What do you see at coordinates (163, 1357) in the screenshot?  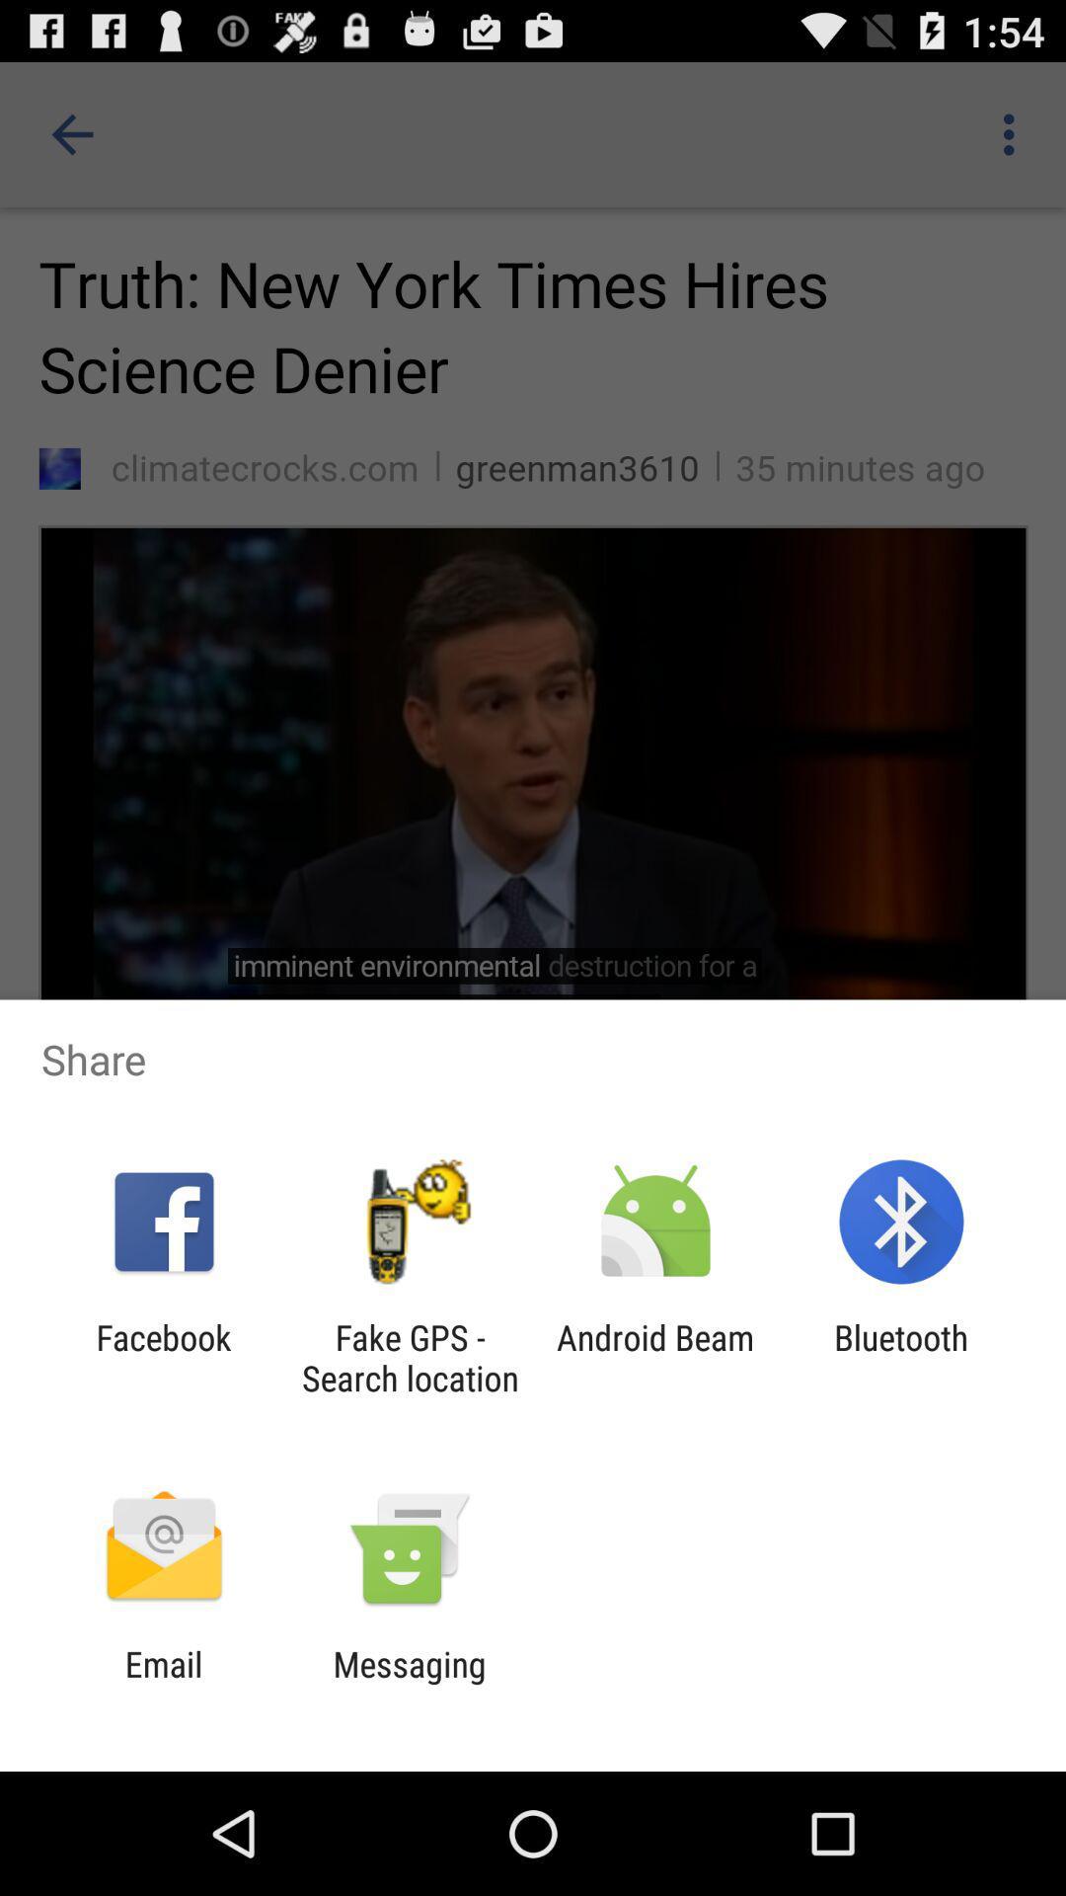 I see `app next to the fake gps search` at bounding box center [163, 1357].